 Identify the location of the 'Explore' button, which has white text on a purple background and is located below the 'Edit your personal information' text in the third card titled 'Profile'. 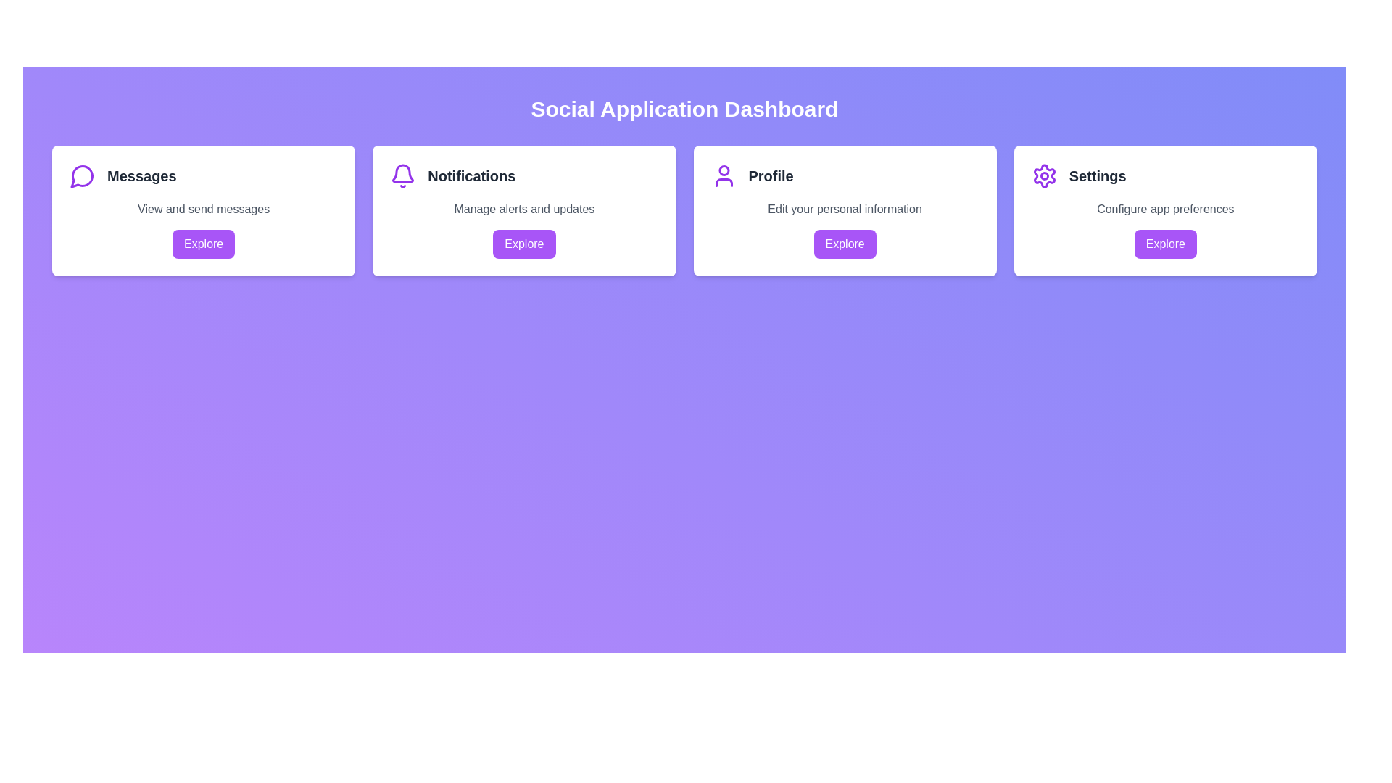
(845, 243).